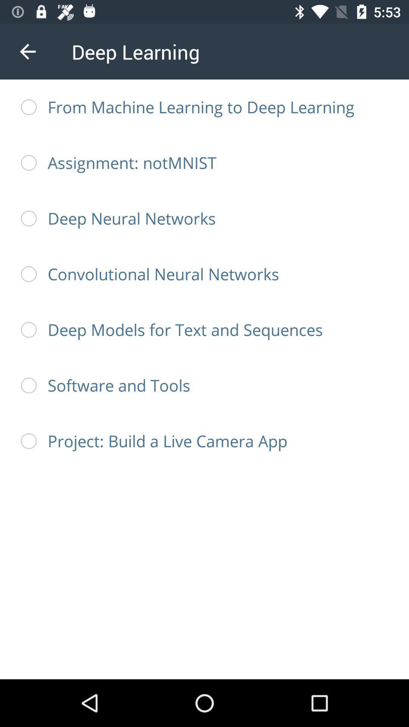  Describe the element at coordinates (27, 51) in the screenshot. I see `the icon next to deep learning icon` at that location.